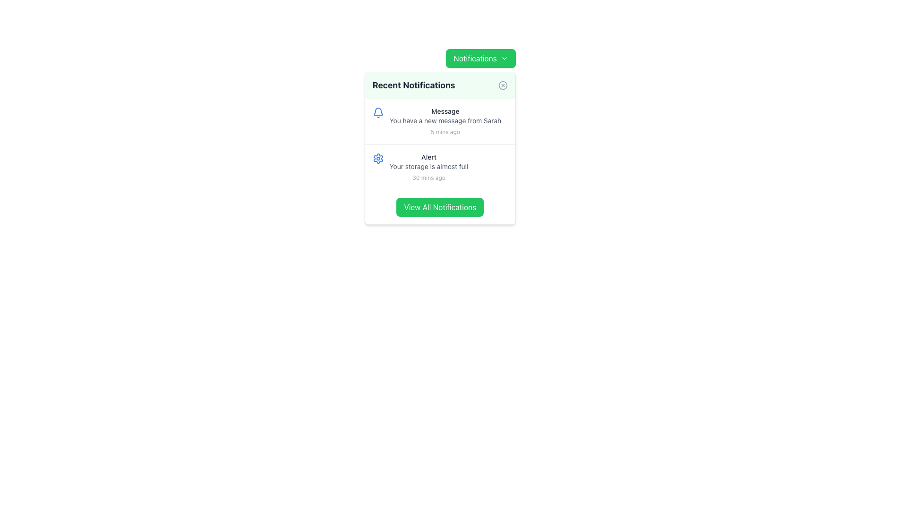  I want to click on the notification entry for the new message received from Sarah, which is the top entry under 'Recent Notifications' in the notification panel, so click(445, 121).